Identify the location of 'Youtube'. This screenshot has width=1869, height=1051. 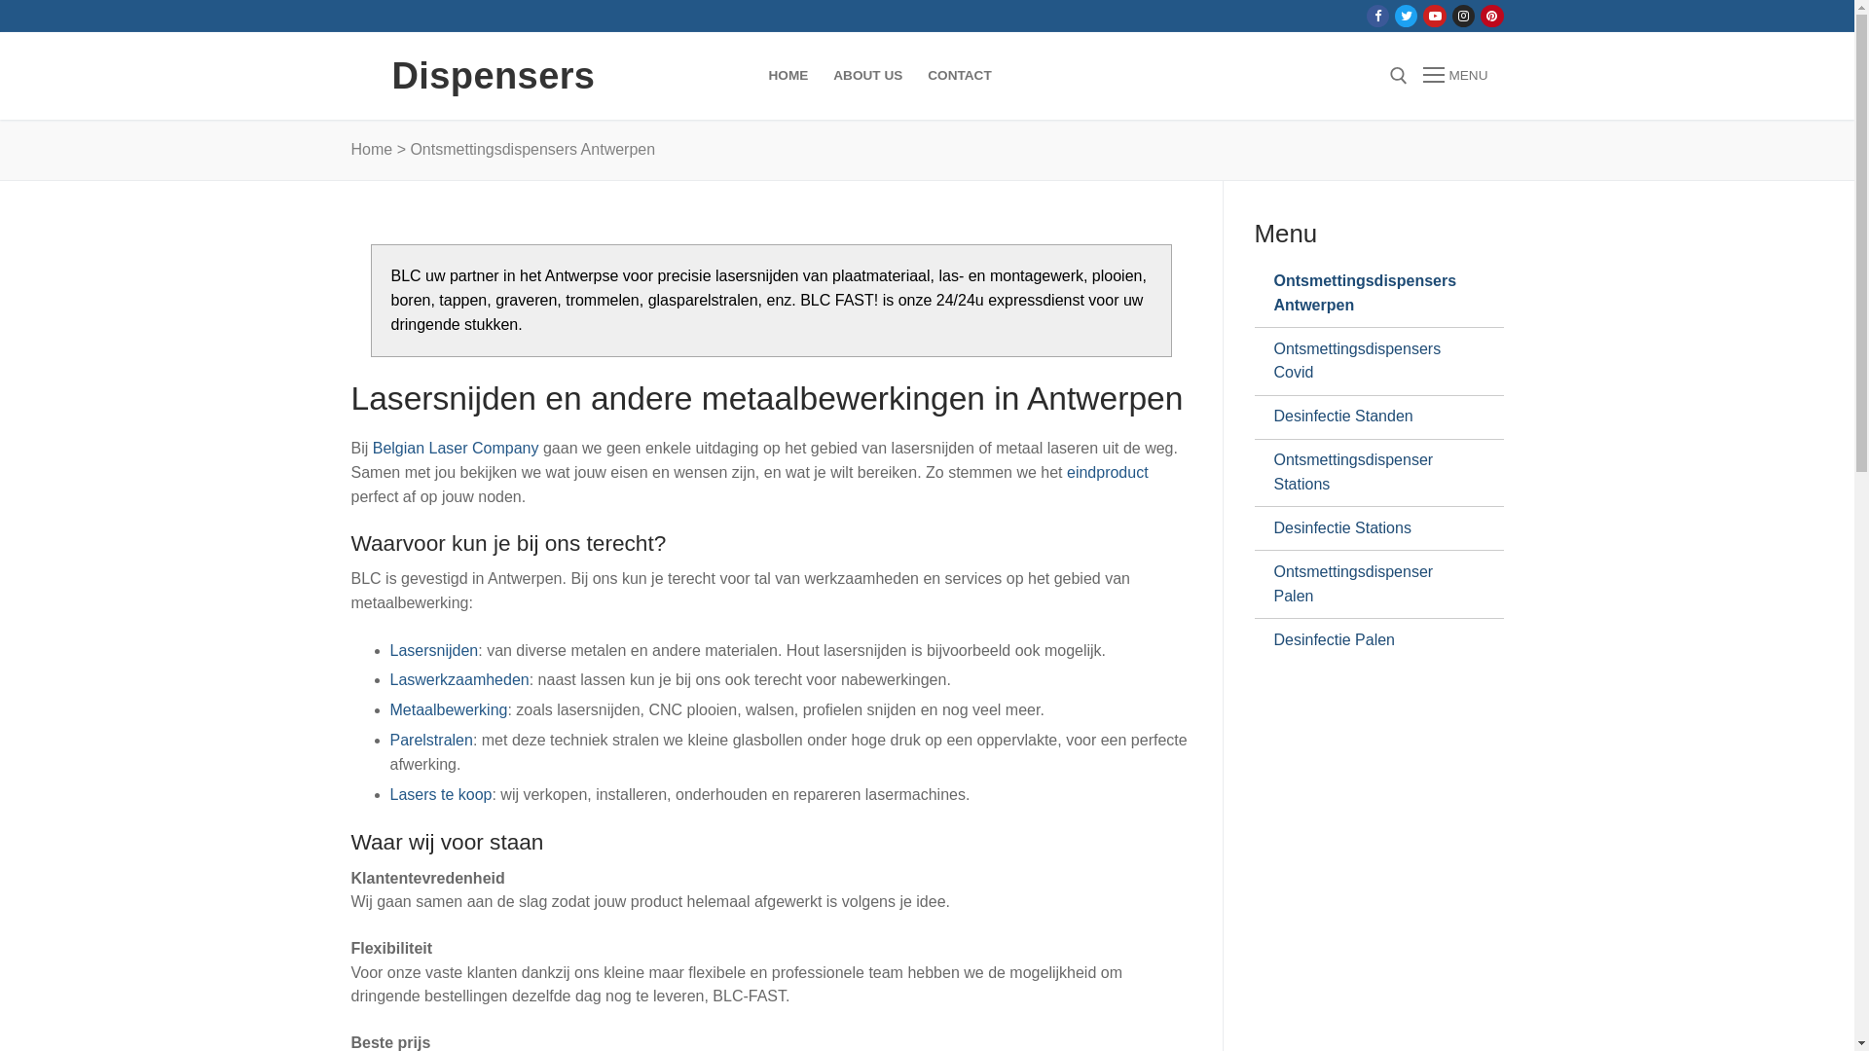
(1435, 16).